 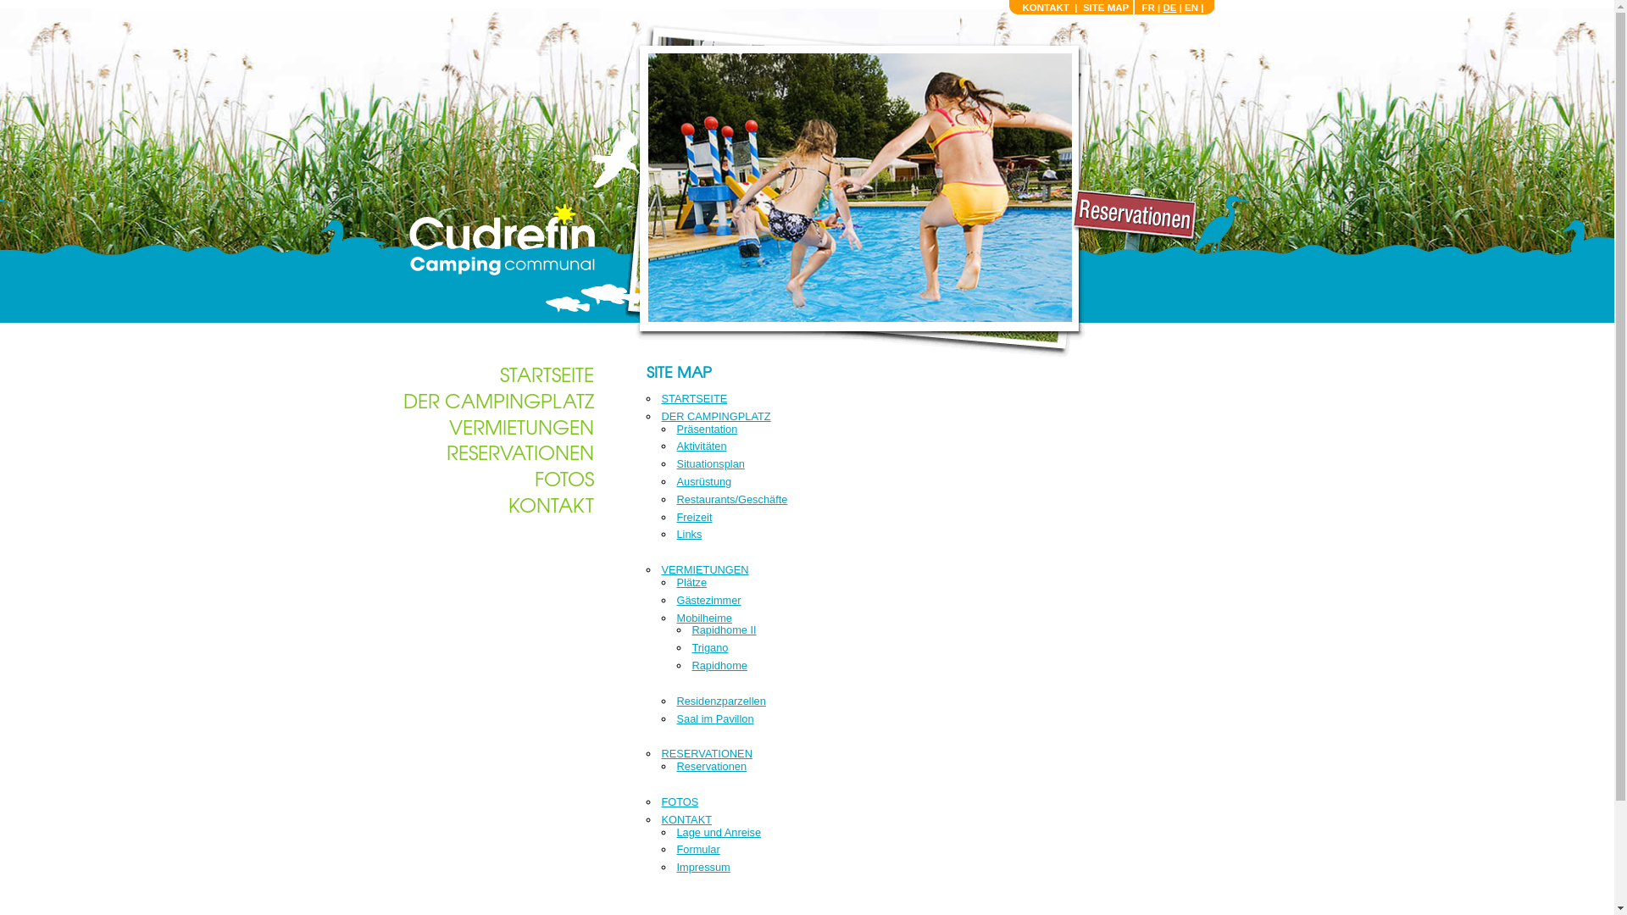 I want to click on 'STARTSEITE', so click(x=694, y=398).